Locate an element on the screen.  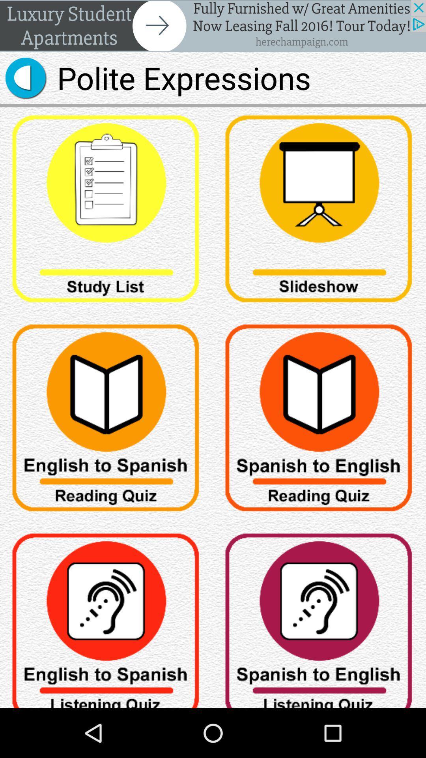
click advertisement is located at coordinates (213, 26).